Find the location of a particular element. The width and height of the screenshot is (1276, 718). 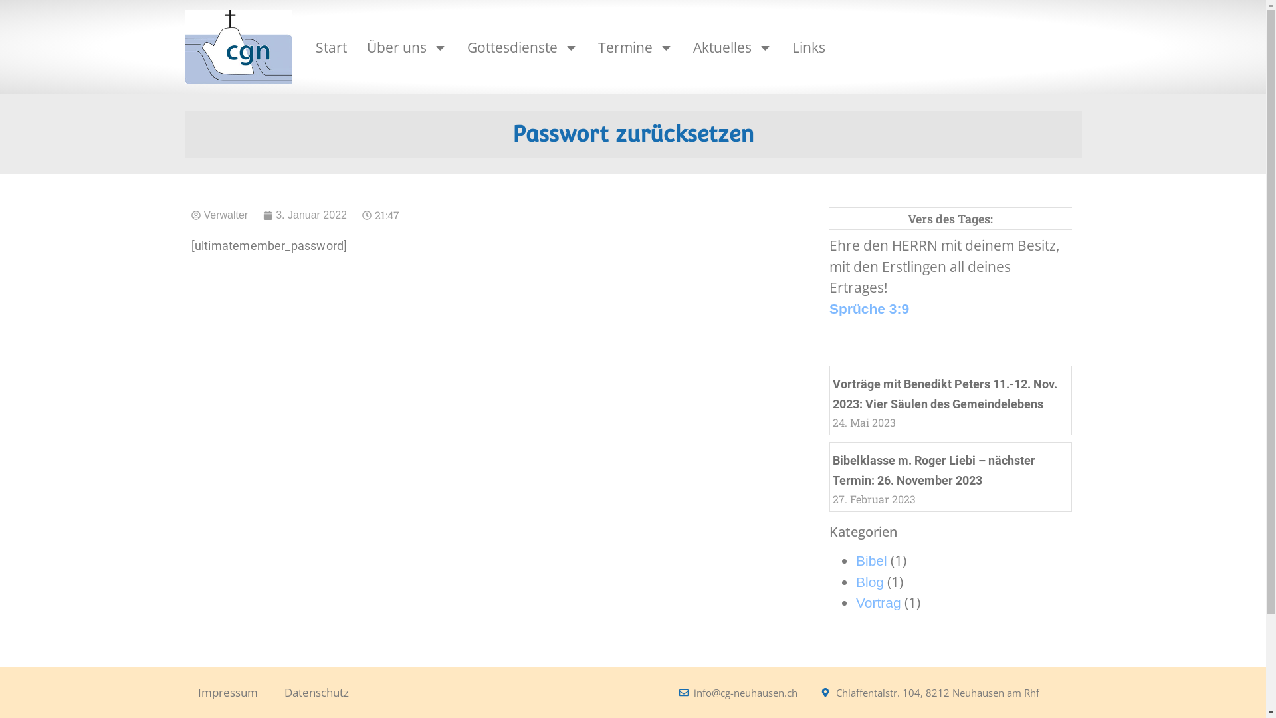

'Vortrag' is located at coordinates (878, 602).